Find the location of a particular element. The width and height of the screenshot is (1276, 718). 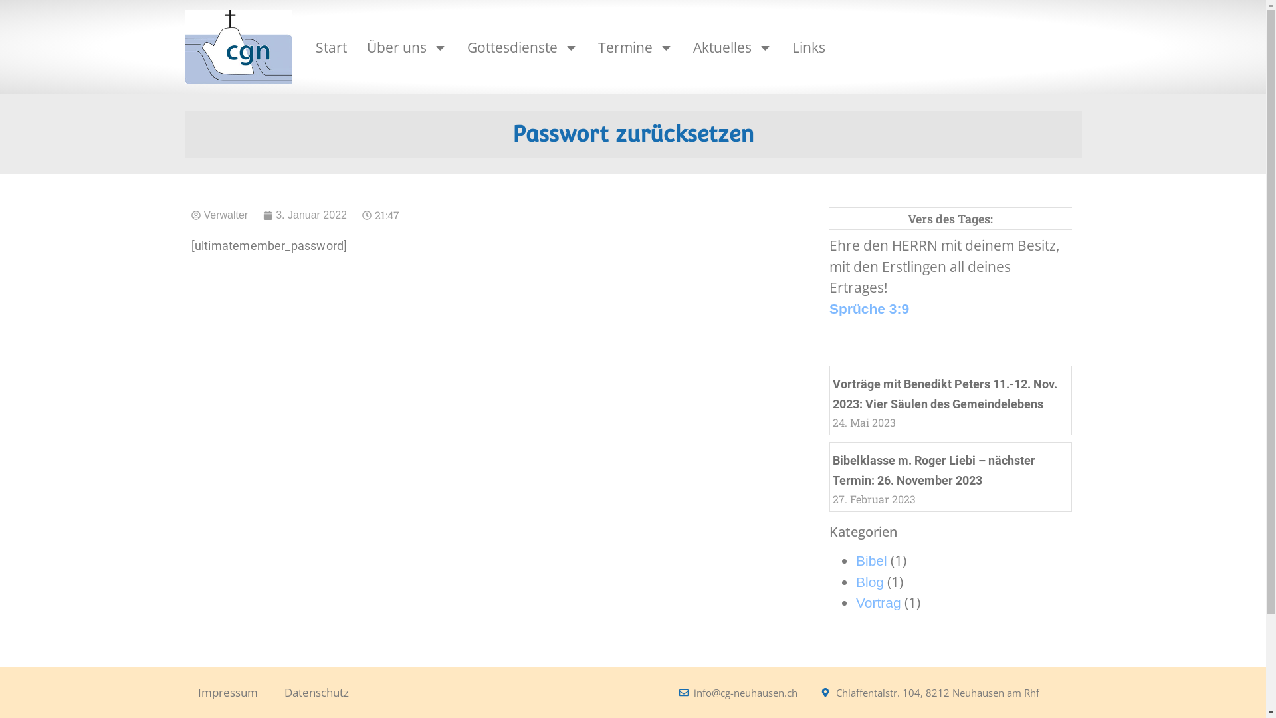

'Vortrag' is located at coordinates (878, 602).